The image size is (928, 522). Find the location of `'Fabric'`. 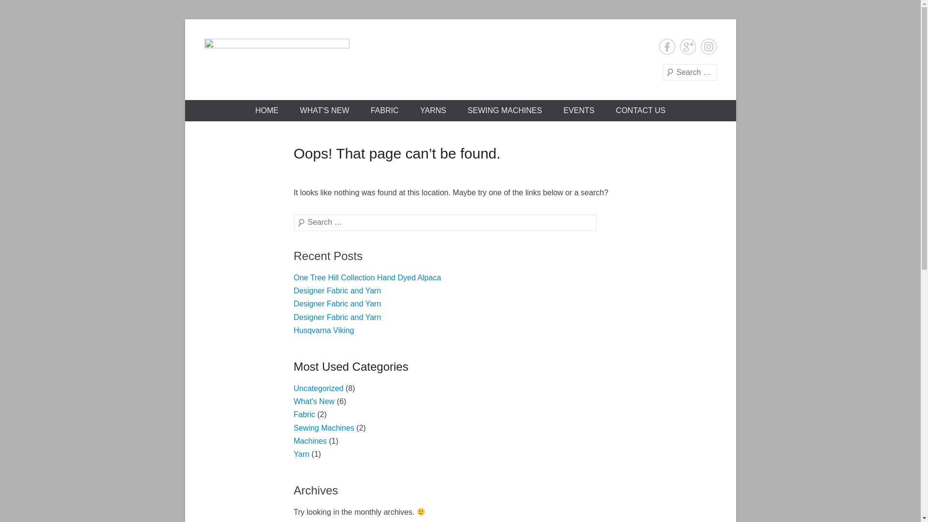

'Fabric' is located at coordinates (304, 414).